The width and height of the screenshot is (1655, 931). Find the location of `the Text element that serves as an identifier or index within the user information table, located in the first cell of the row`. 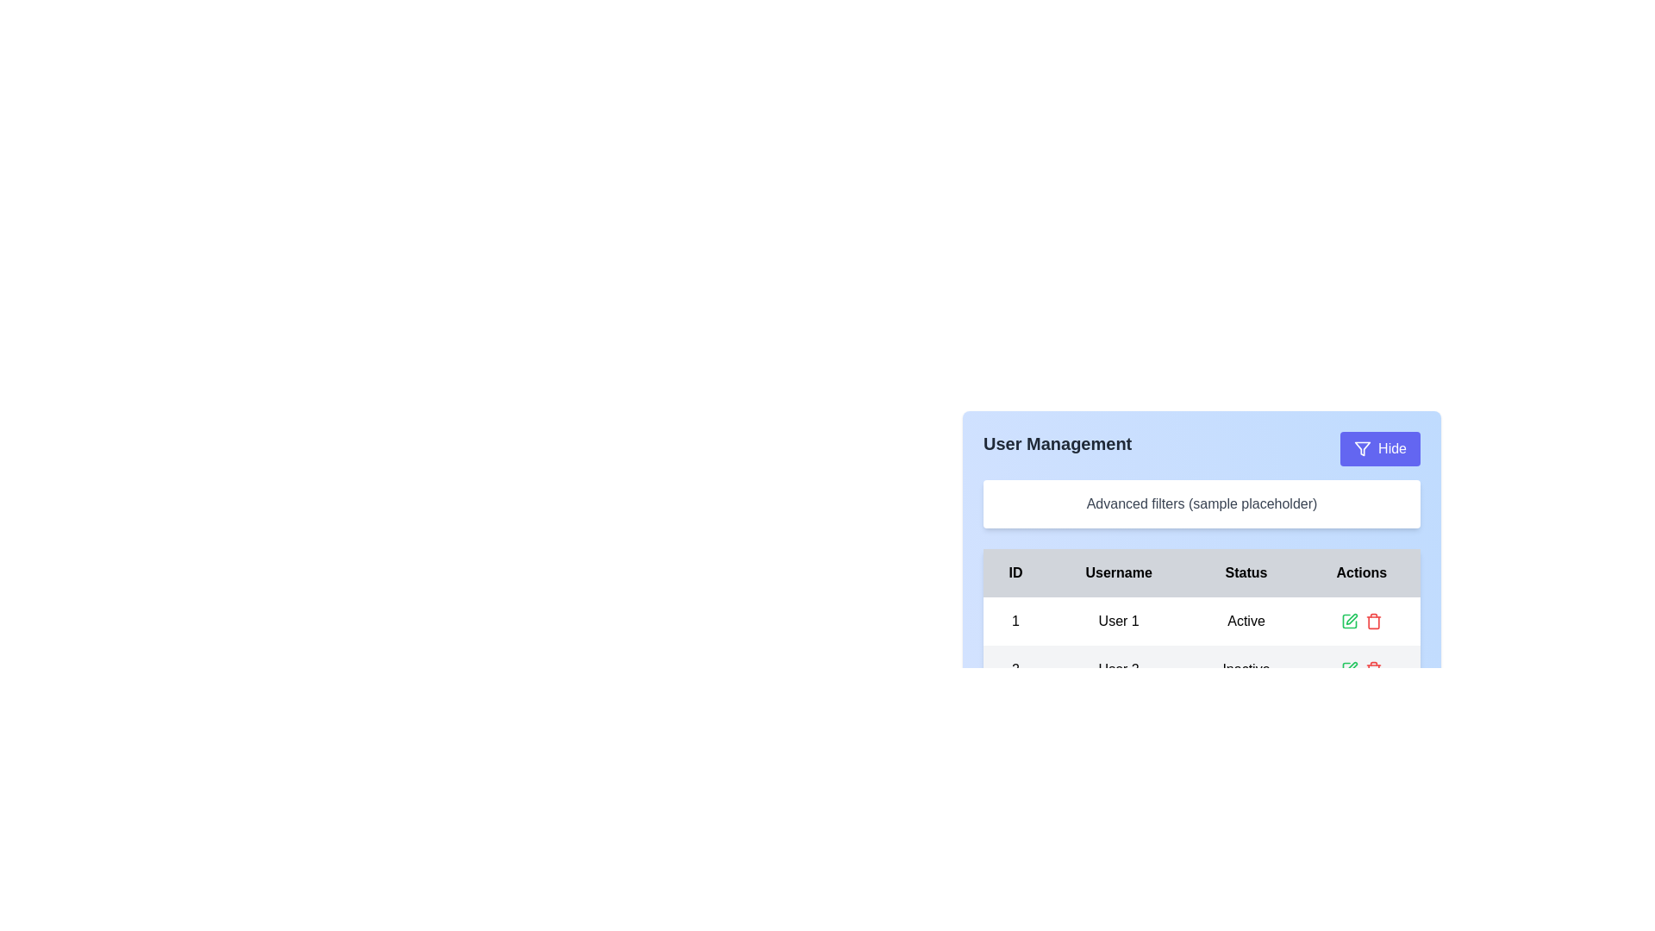

the Text element that serves as an identifier or index within the user information table, located in the first cell of the row is located at coordinates (1015, 622).